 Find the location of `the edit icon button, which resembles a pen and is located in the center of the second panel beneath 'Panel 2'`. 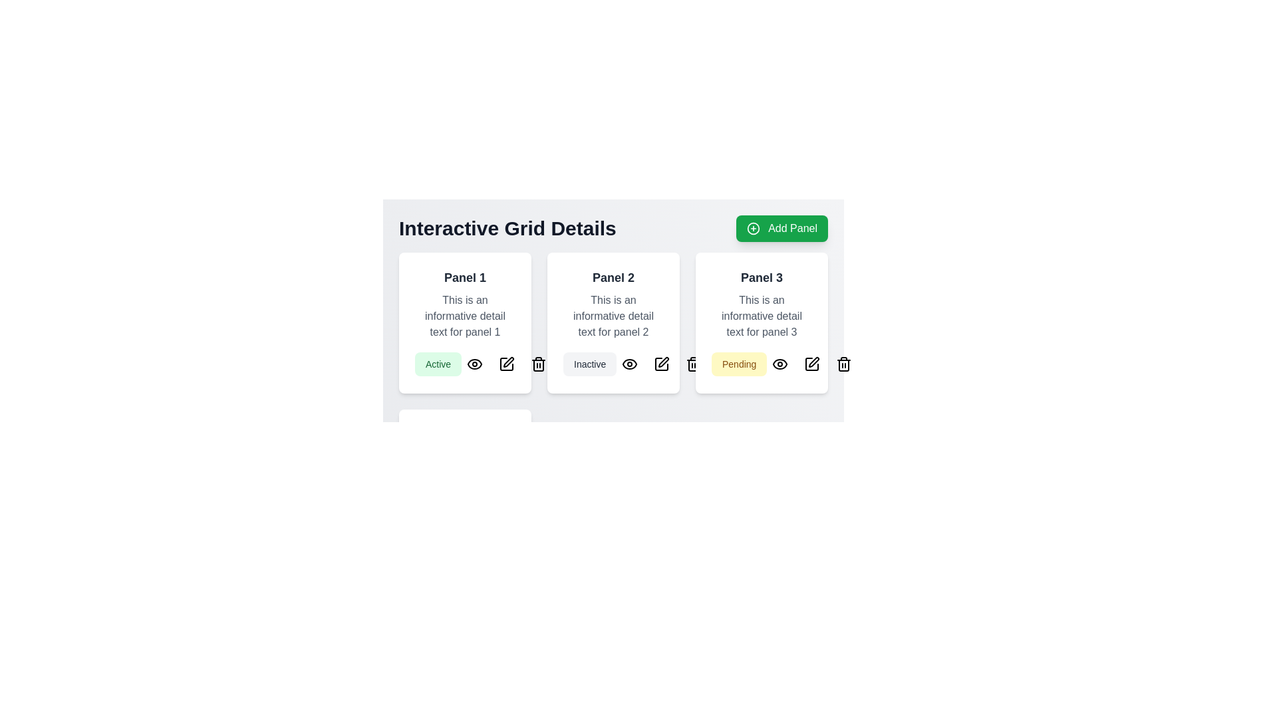

the edit icon button, which resembles a pen and is located in the center of the second panel beneath 'Panel 2' is located at coordinates (662, 364).